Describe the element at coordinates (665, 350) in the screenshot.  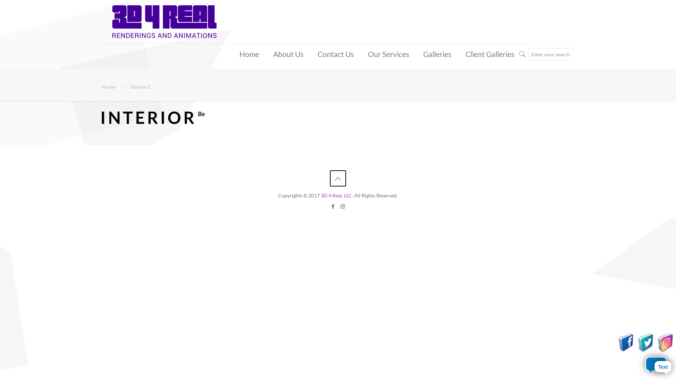
I see `'Visit Us On Instagram'` at that location.